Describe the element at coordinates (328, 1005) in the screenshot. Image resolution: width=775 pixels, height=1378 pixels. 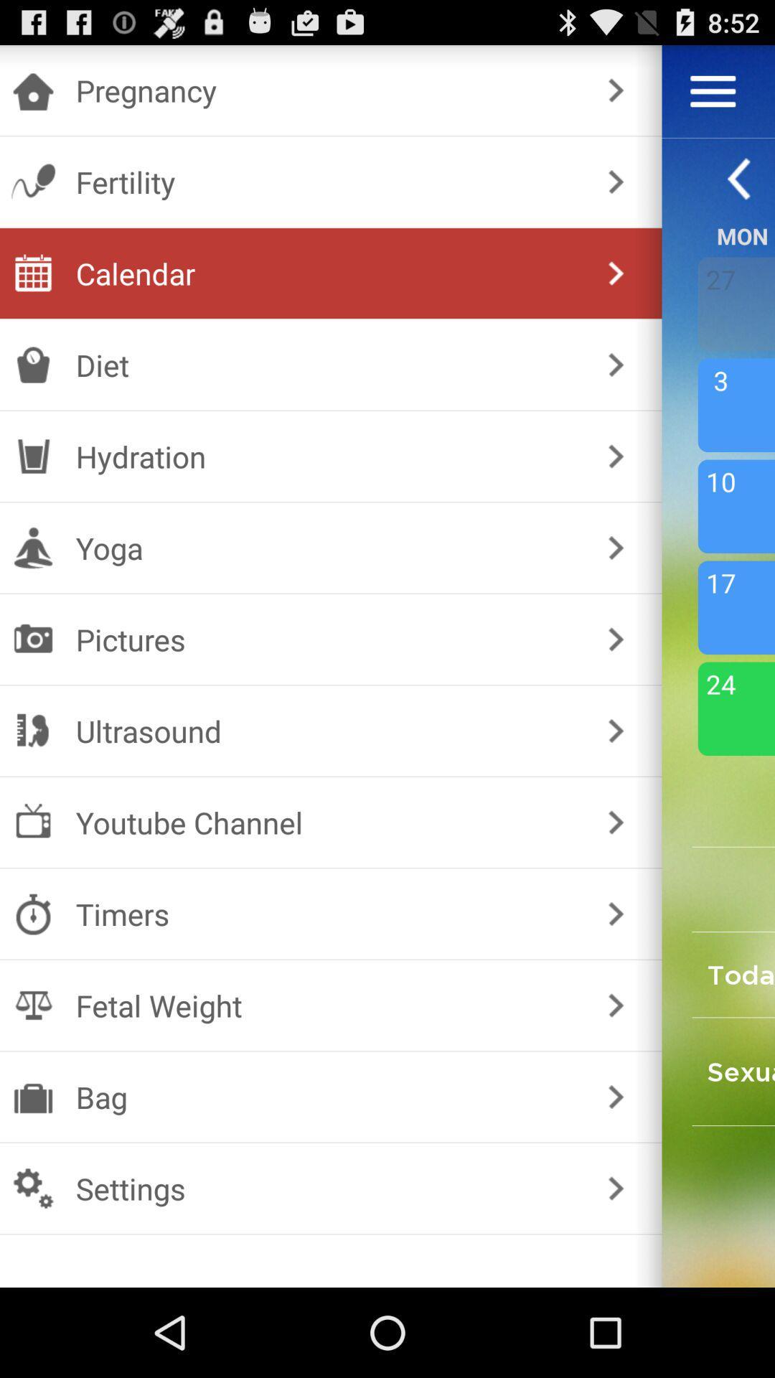
I see `the item above bag item` at that location.